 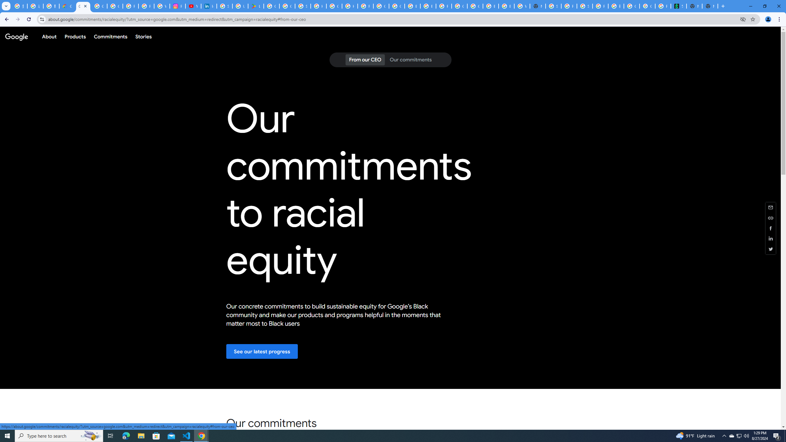 What do you see at coordinates (16, 36) in the screenshot?
I see `'Google'` at bounding box center [16, 36].